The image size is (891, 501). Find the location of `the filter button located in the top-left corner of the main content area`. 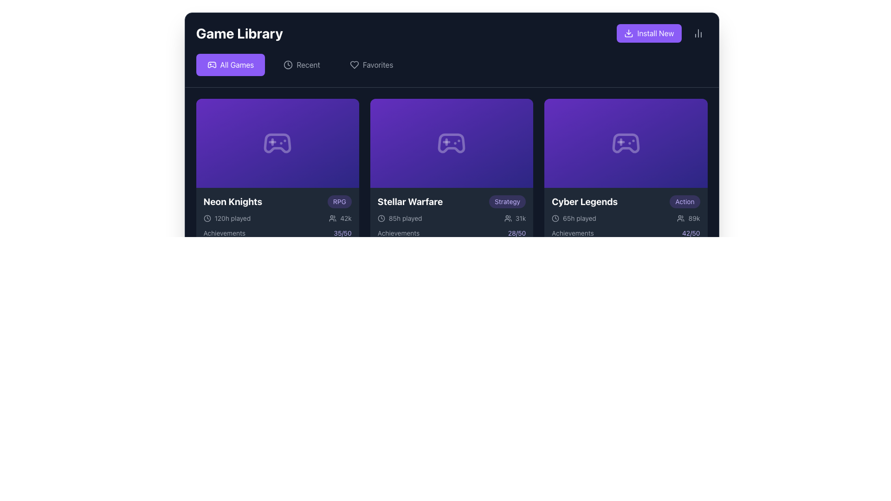

the filter button located in the top-left corner of the main content area is located at coordinates (230, 64).